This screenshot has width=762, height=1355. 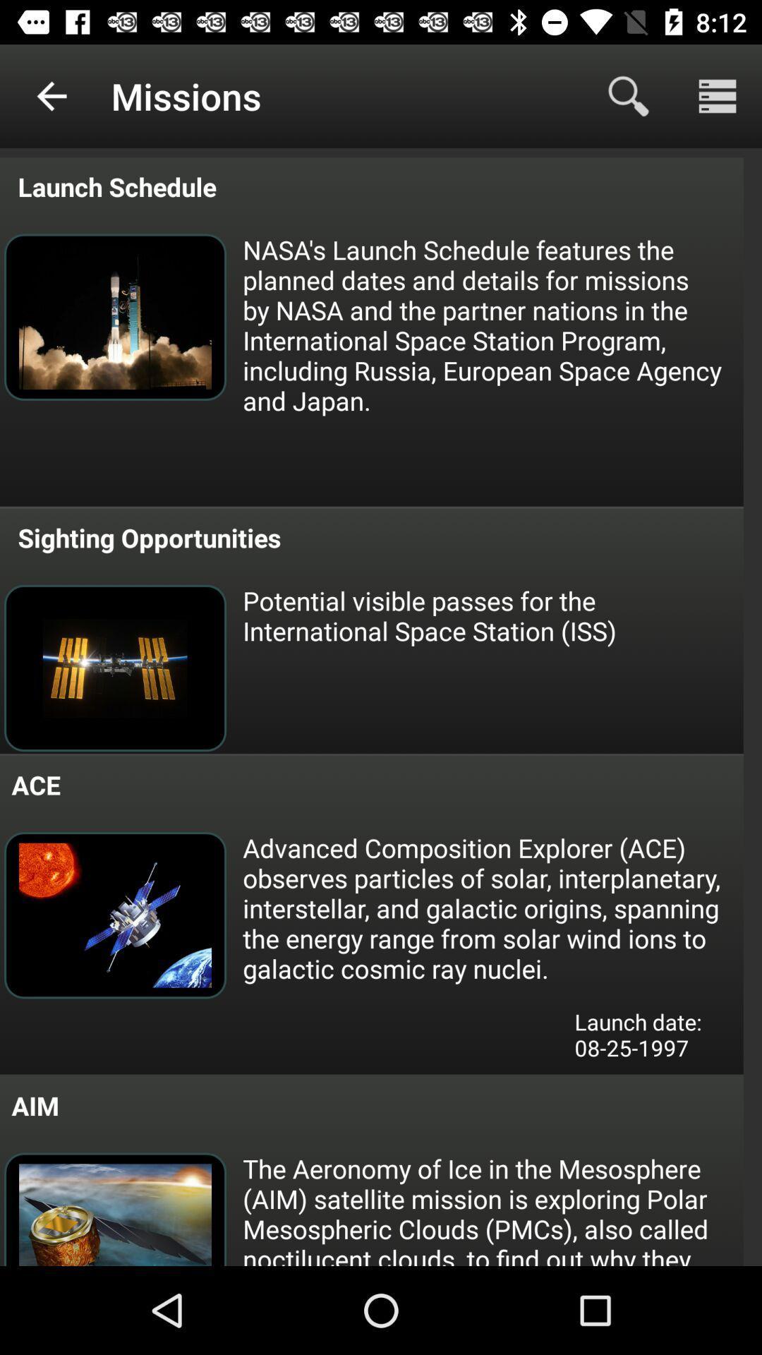 What do you see at coordinates (718, 95) in the screenshot?
I see `icon above nasa s launch item` at bounding box center [718, 95].